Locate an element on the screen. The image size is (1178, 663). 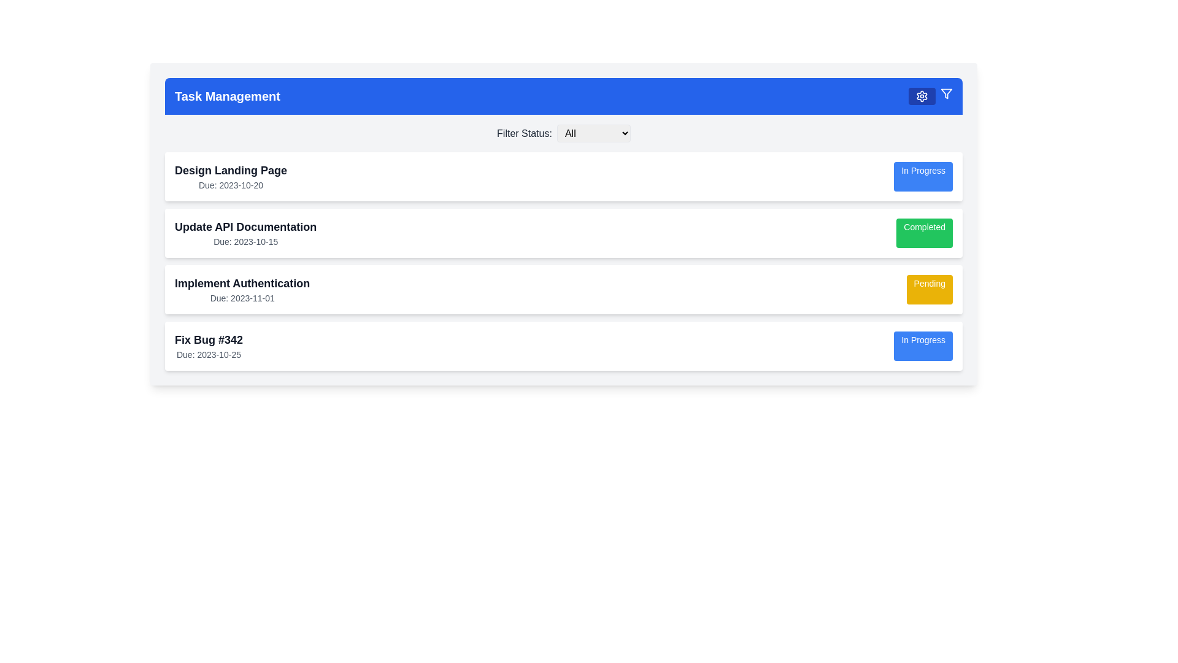
the text label that reads 'Filter Status:' which is positioned to the left of the dropdown menu labeled 'All' is located at coordinates (524, 133).